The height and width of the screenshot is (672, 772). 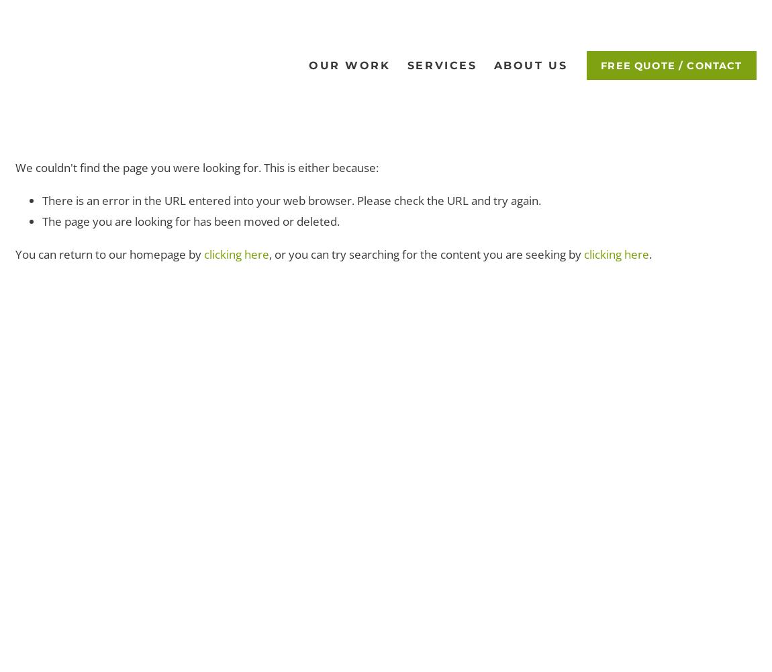 What do you see at coordinates (406, 64) in the screenshot?
I see `'Services'` at bounding box center [406, 64].